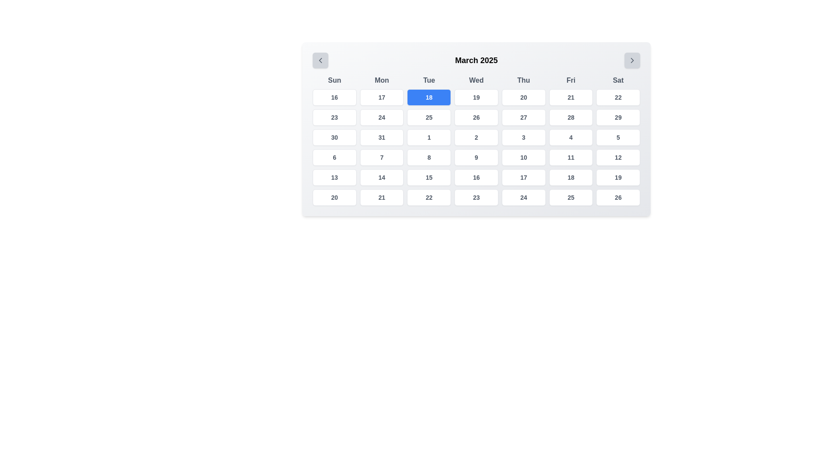 The image size is (835, 470). Describe the element at coordinates (618, 177) in the screenshot. I see `the calendar button representing the 19th of the month, located in the bottom row and seventh column` at that location.